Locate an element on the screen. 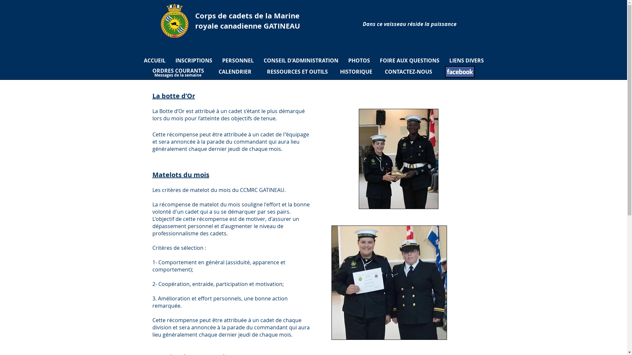 This screenshot has height=355, width=632. 'Messages de la semaine' is located at coordinates (177, 75).